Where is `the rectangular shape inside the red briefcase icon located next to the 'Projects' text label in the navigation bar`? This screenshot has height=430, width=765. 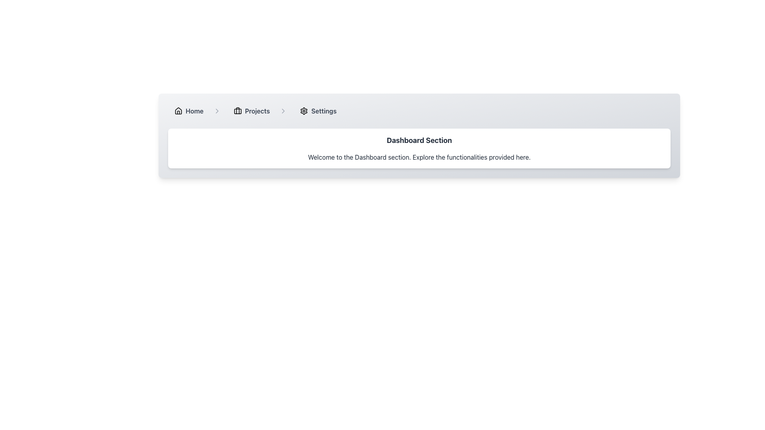
the rectangular shape inside the red briefcase icon located next to the 'Projects' text label in the navigation bar is located at coordinates (237, 111).